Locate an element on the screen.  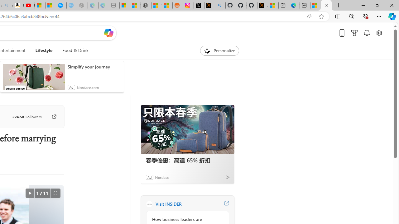
'Lifestyle' is located at coordinates (43, 50).